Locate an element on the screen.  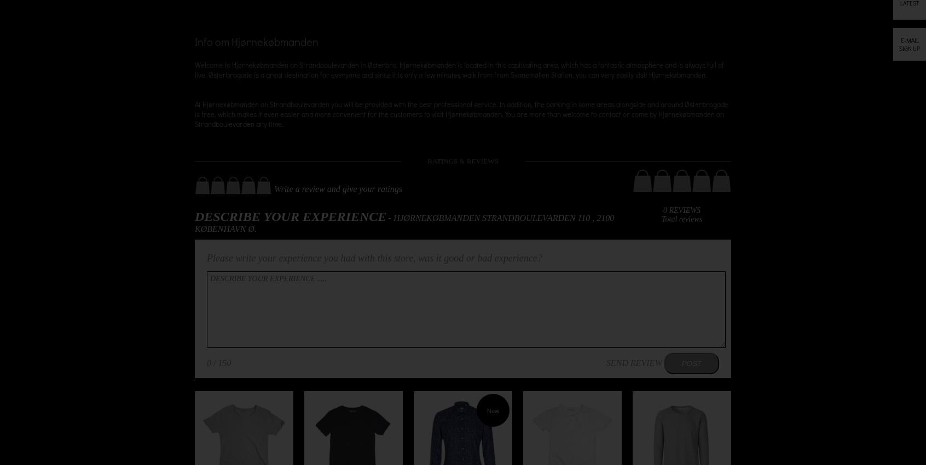
'0 REVIEWS' is located at coordinates (681, 210).